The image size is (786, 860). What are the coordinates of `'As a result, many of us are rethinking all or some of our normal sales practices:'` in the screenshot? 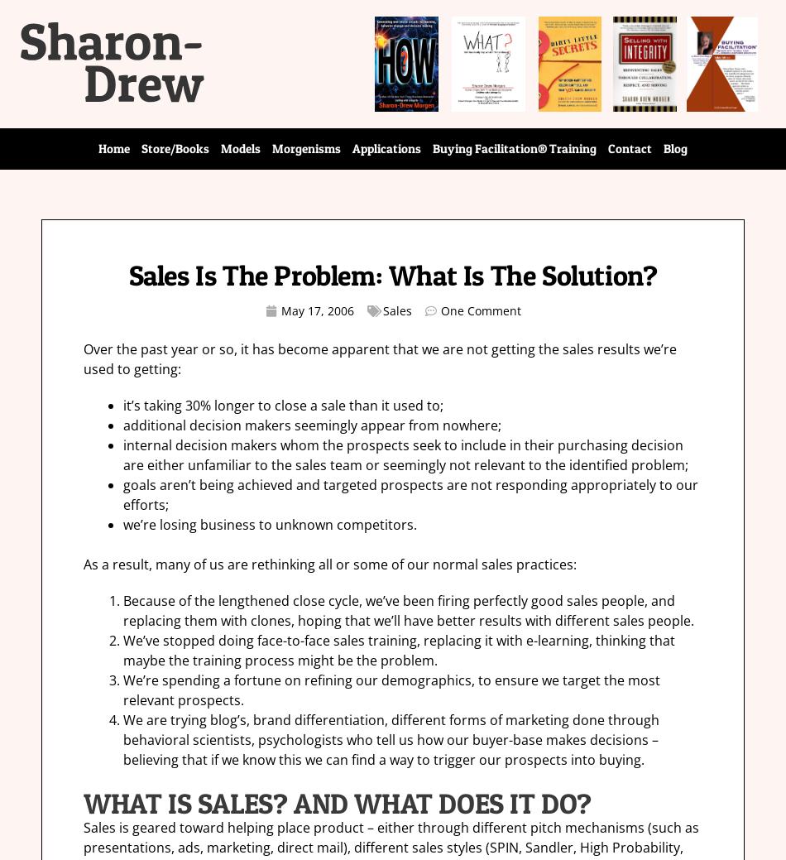 It's located at (329, 564).